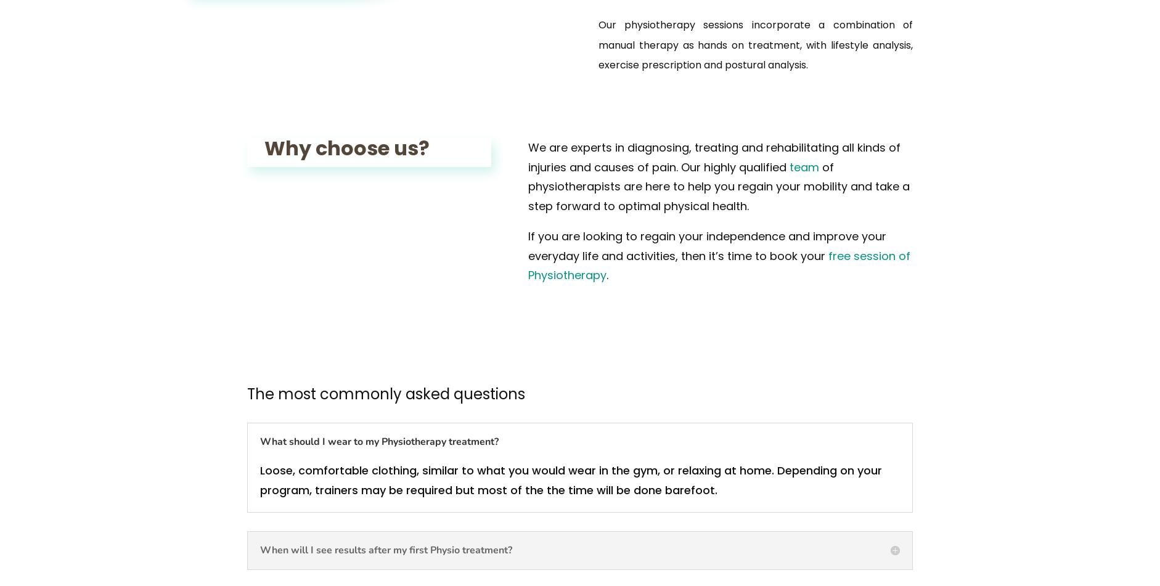  What do you see at coordinates (338, 147) in the screenshot?
I see `'Why choose us?'` at bounding box center [338, 147].